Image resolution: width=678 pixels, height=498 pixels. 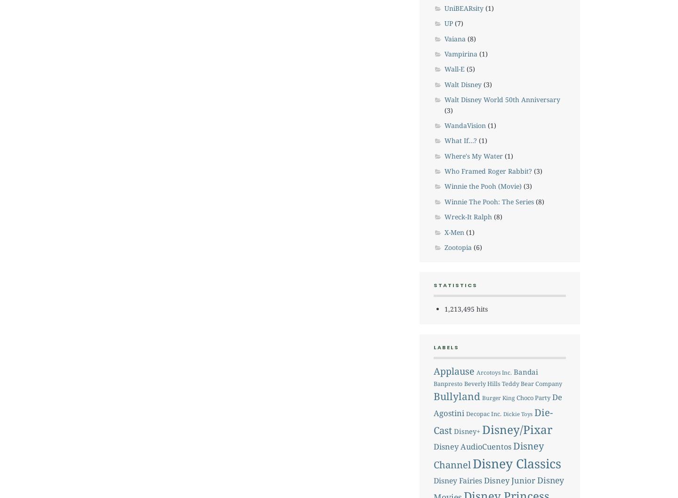 What do you see at coordinates (463, 8) in the screenshot?
I see `'UniBEARsity'` at bounding box center [463, 8].